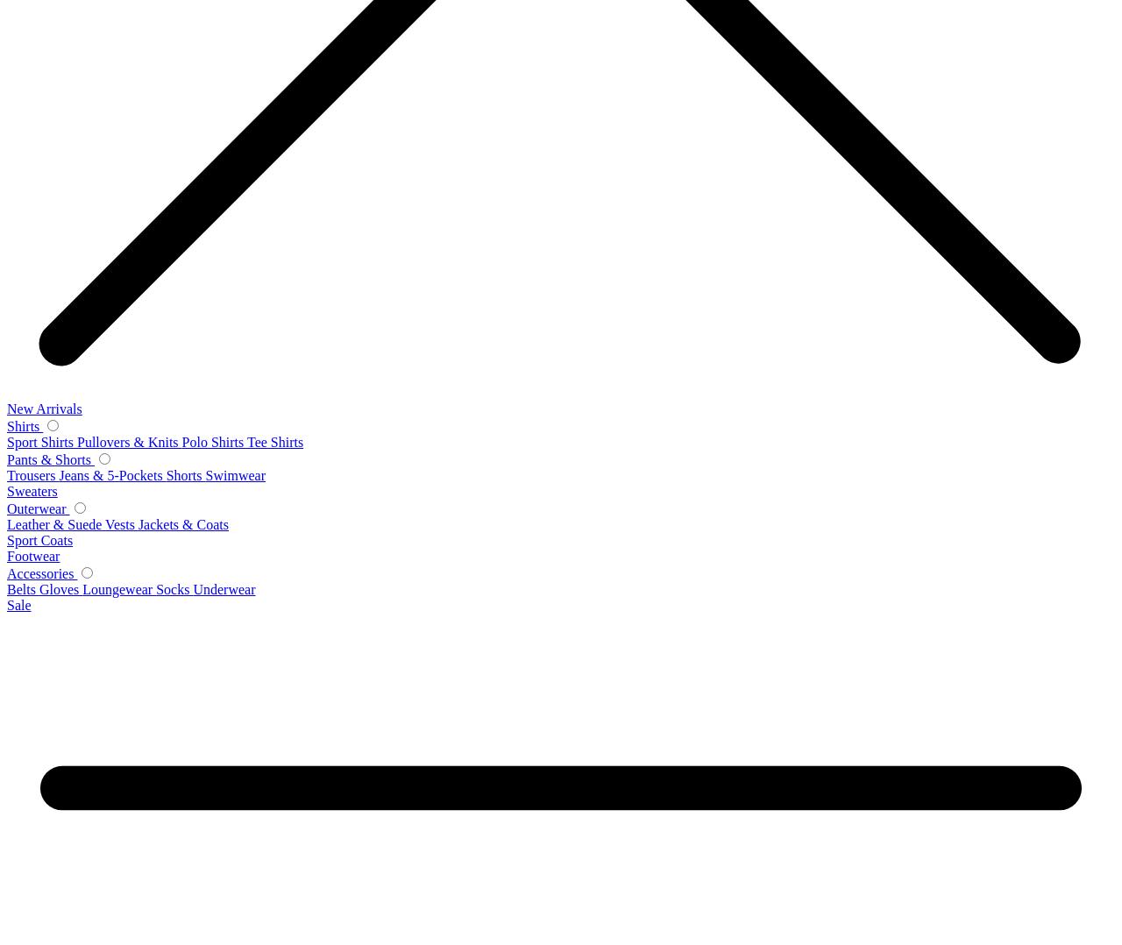 The image size is (1122, 945). What do you see at coordinates (118, 589) in the screenshot?
I see `'Loungewear'` at bounding box center [118, 589].